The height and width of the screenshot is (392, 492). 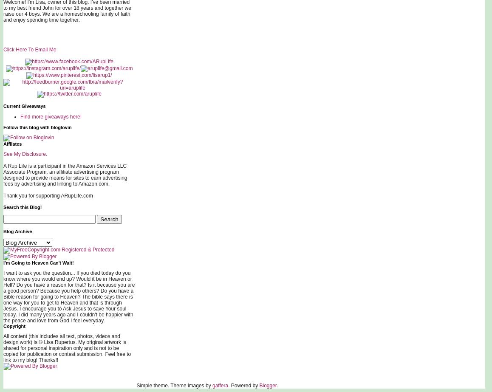 What do you see at coordinates (50, 116) in the screenshot?
I see `'Find more giveaways here!'` at bounding box center [50, 116].